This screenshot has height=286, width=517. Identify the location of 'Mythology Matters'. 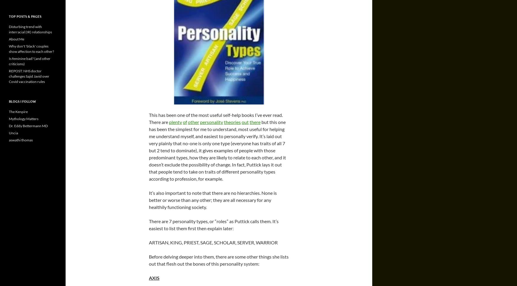
(23, 118).